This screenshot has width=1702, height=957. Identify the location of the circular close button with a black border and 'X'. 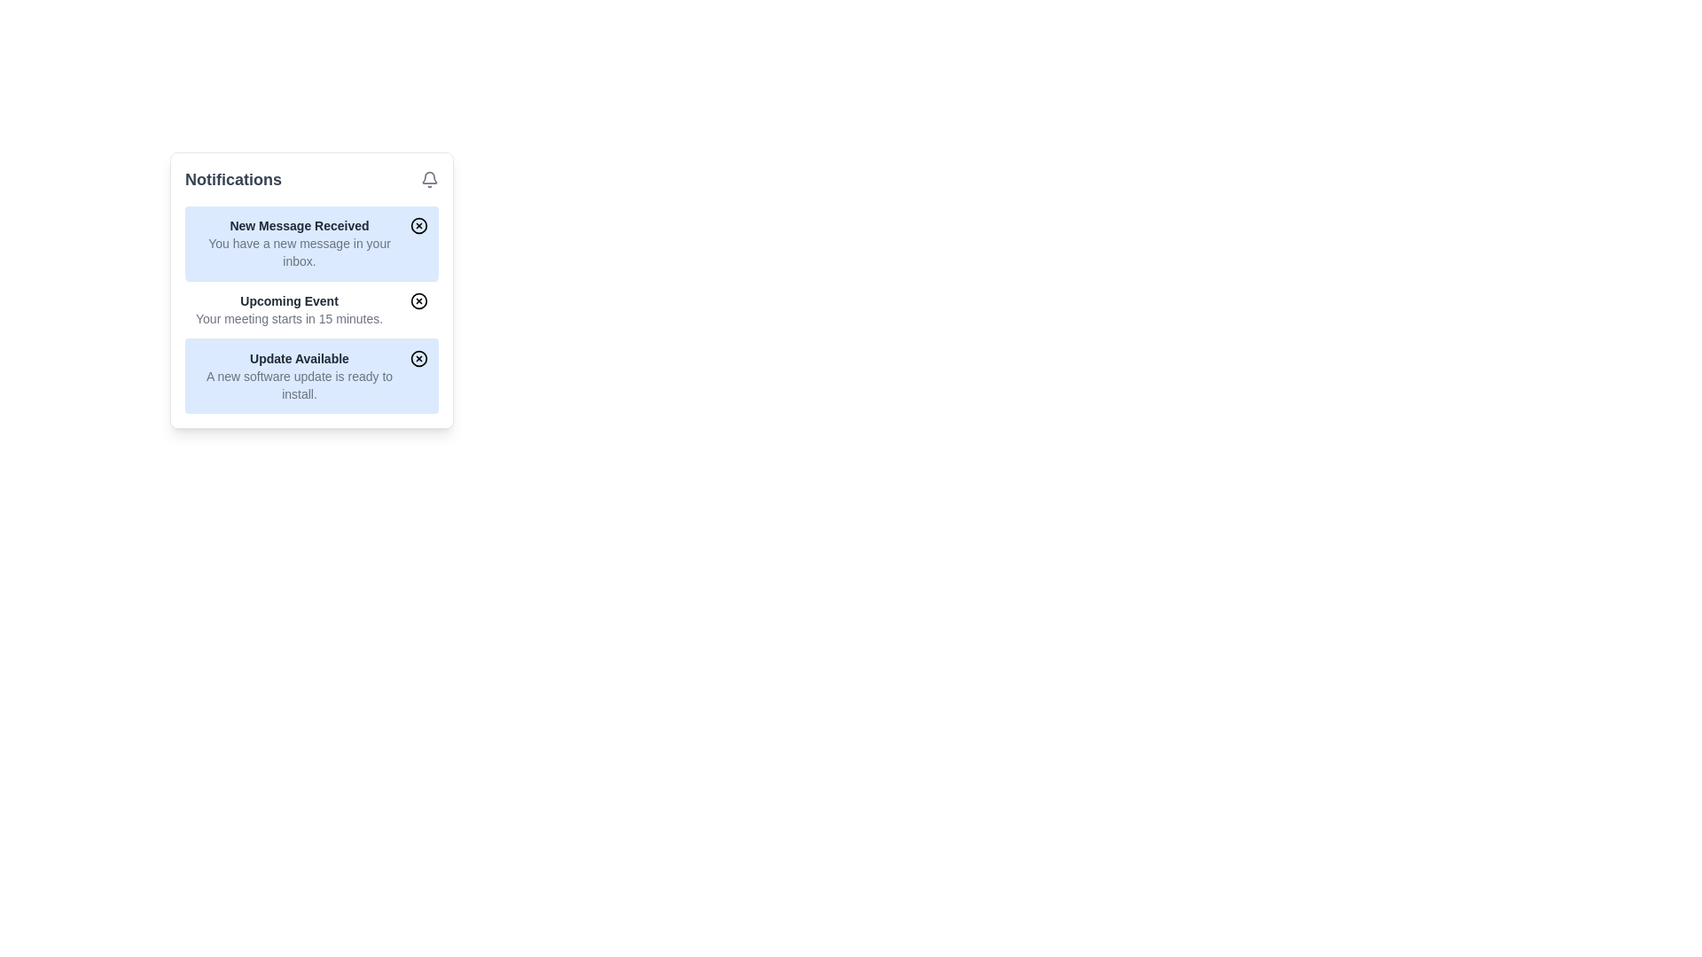
(418, 300).